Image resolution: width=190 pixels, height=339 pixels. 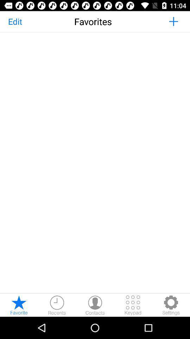 I want to click on keypad, so click(x=133, y=305).